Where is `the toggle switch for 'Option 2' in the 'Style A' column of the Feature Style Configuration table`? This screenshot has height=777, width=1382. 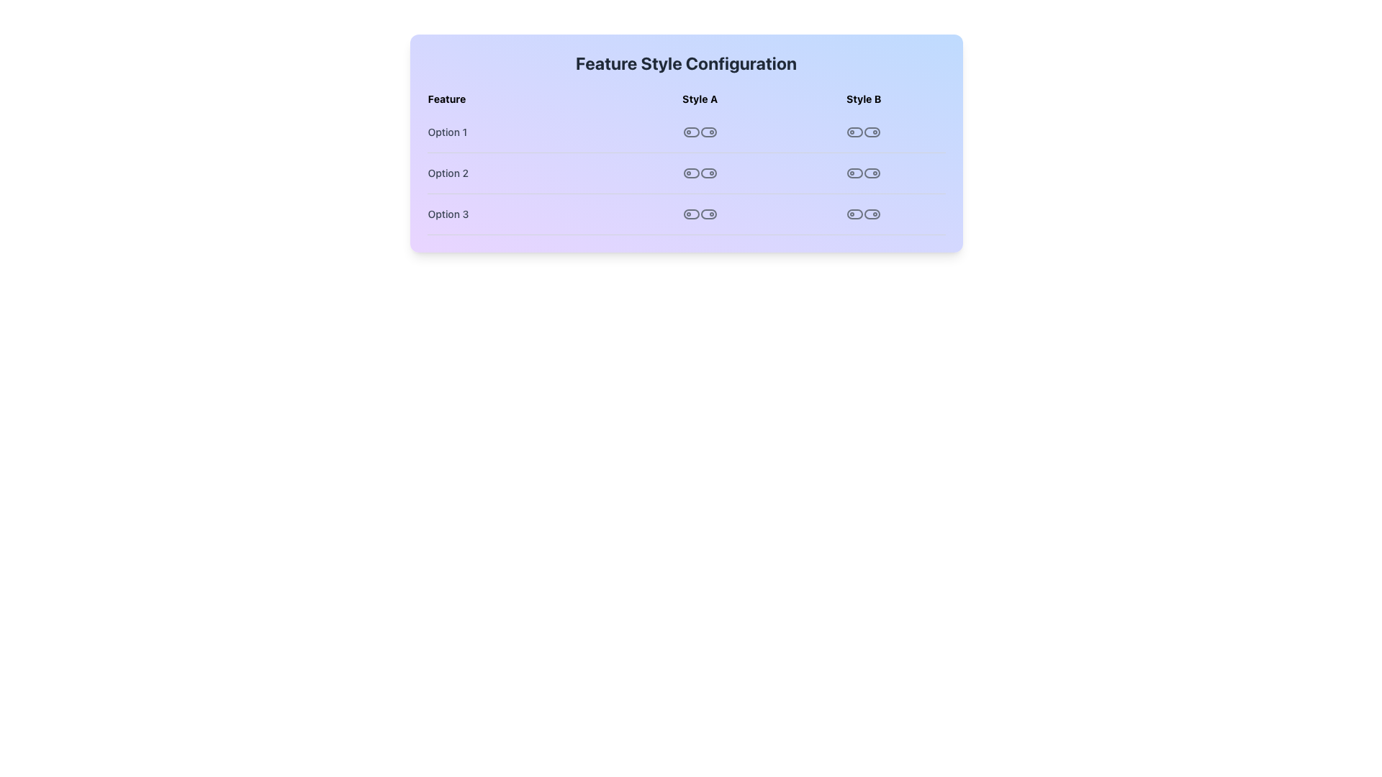
the toggle switch for 'Option 2' in the 'Style A' column of the Feature Style Configuration table is located at coordinates (685, 173).